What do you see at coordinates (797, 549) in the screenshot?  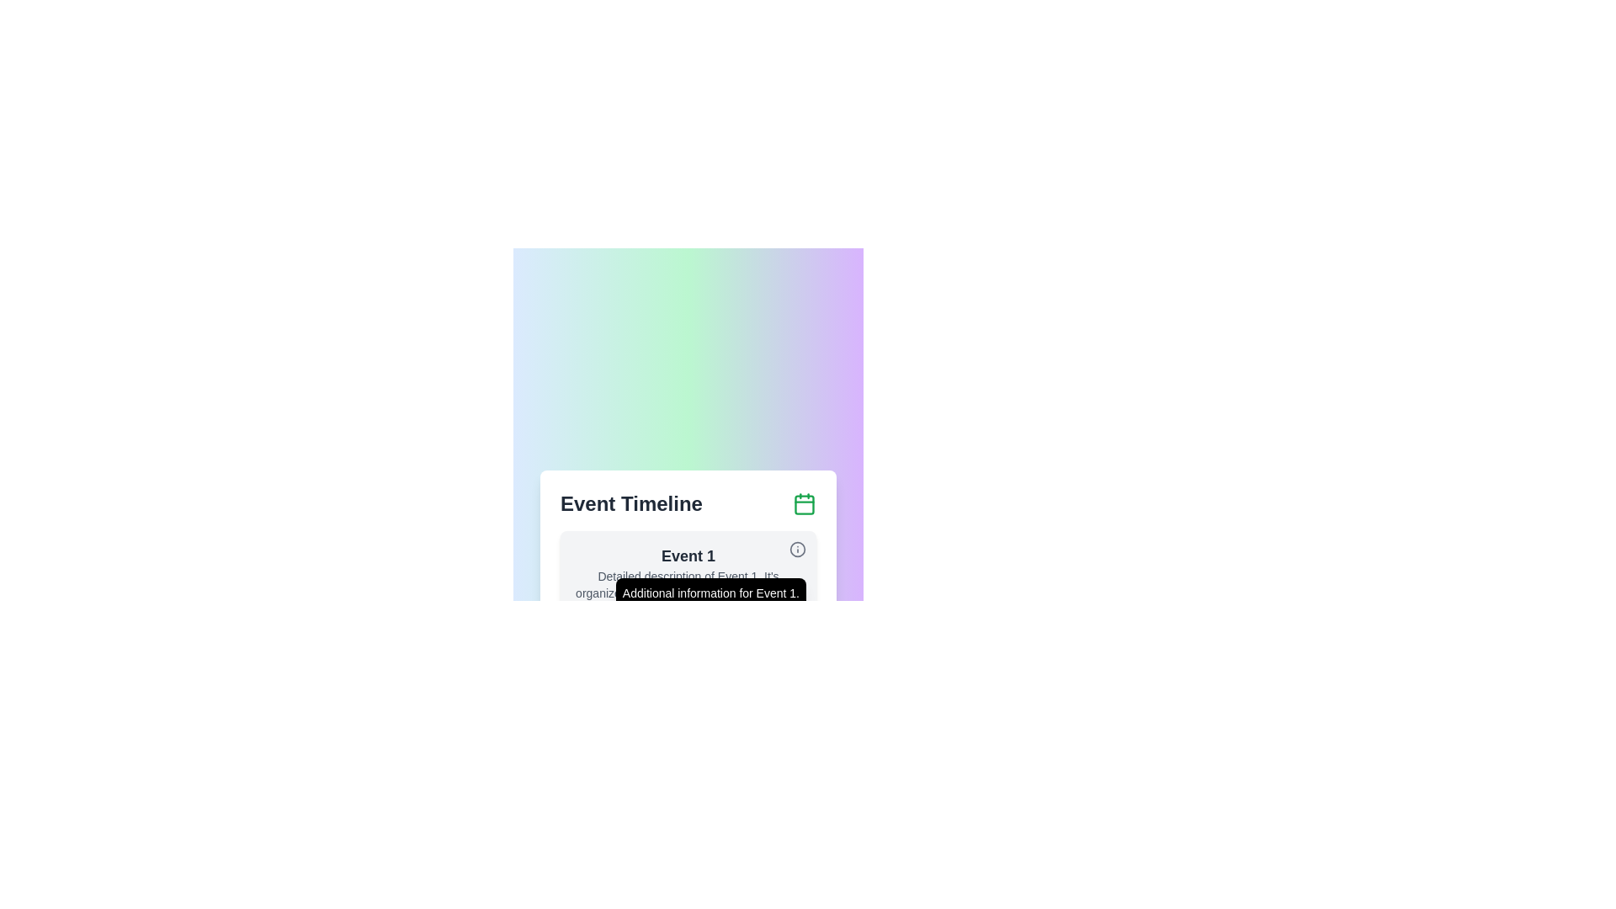 I see `the interactive information icon located at the top-right corner of the event card to change its appearance` at bounding box center [797, 549].